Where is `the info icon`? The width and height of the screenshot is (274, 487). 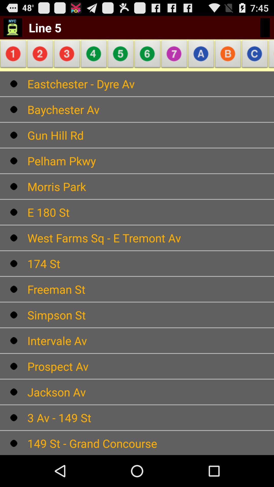
the info icon is located at coordinates (14, 59).